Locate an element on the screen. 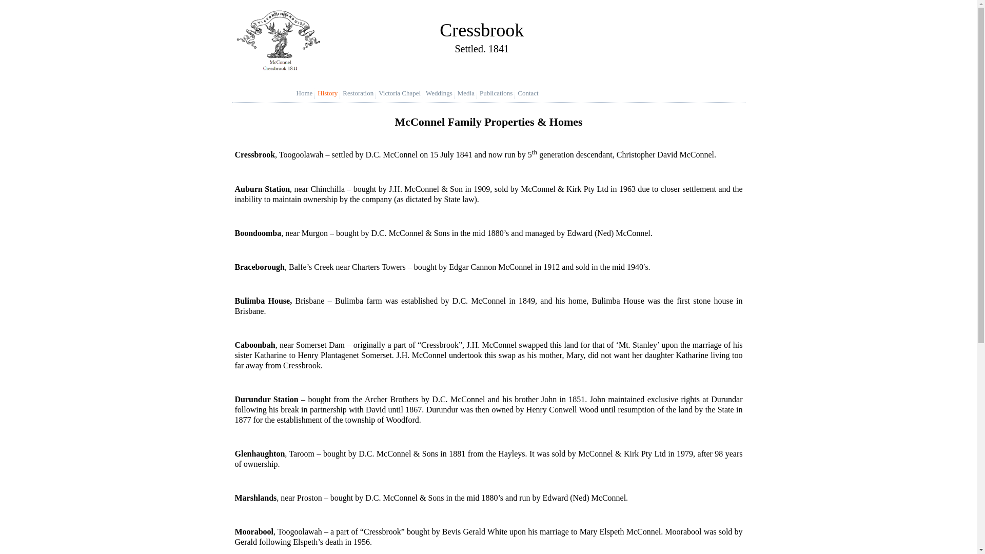 The width and height of the screenshot is (985, 554). 'Media' is located at coordinates (468, 93).